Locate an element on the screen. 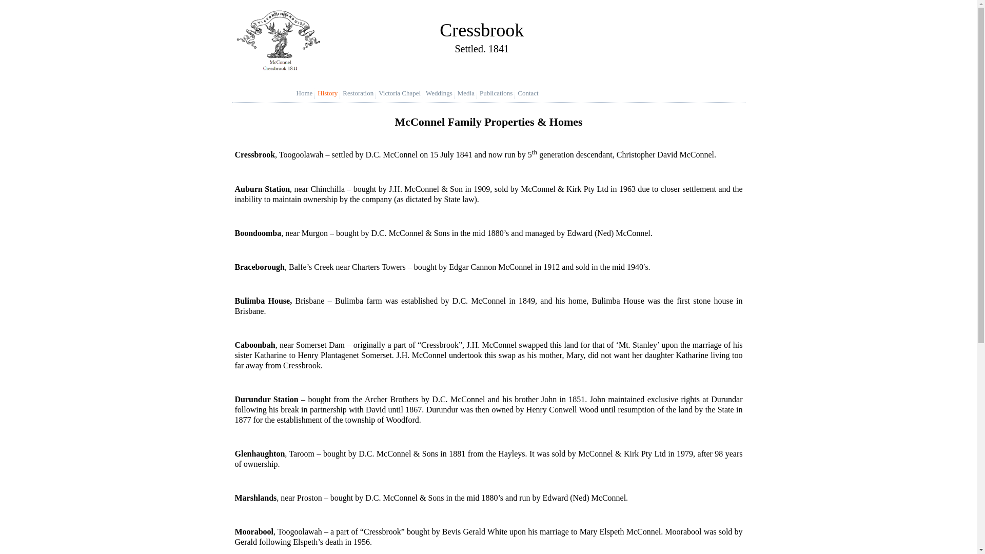 The width and height of the screenshot is (985, 554). 'Media' is located at coordinates (468, 93).